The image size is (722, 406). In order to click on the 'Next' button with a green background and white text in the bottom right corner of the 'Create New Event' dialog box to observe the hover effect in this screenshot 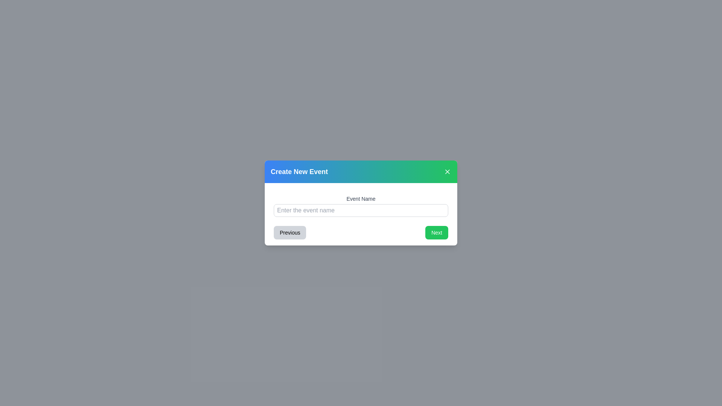, I will do `click(437, 232)`.